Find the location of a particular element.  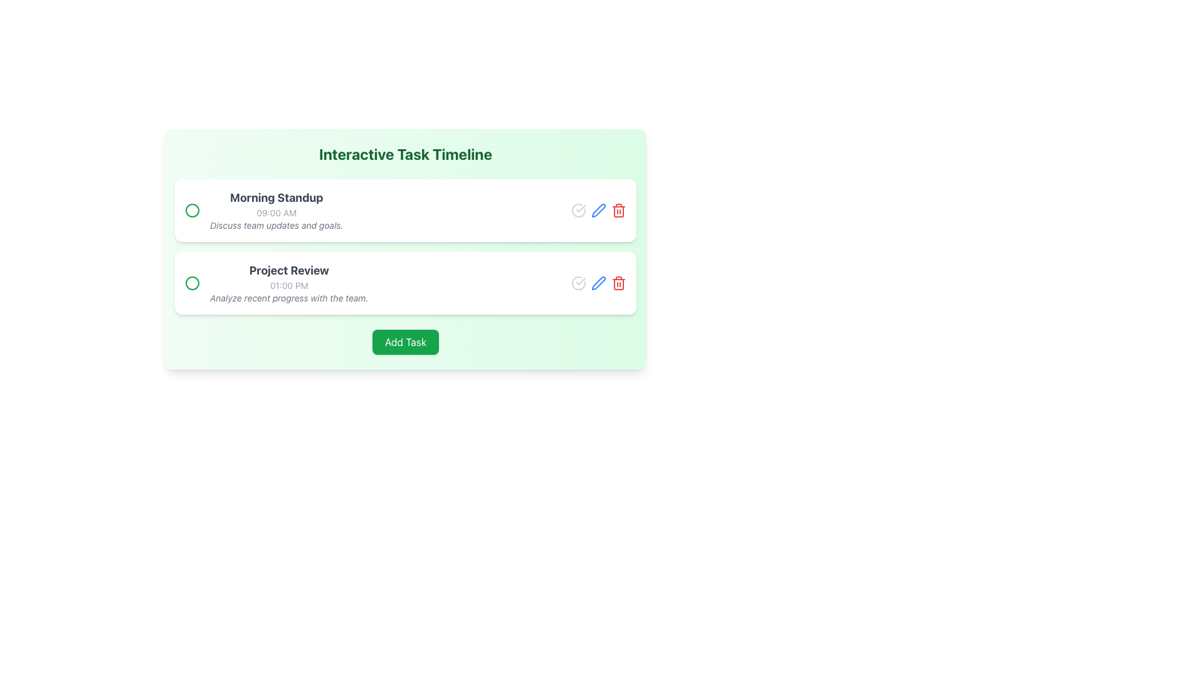

the Circular Icon with Checkmark located at the start of the row of interactive icons in the second task card is located at coordinates (578, 283).